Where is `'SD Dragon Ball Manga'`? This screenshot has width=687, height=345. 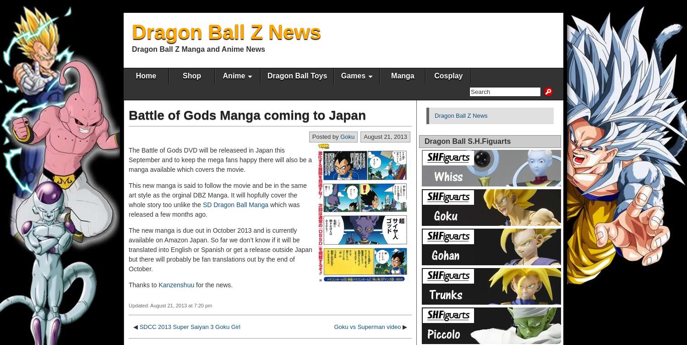
'SD Dragon Ball Manga' is located at coordinates (235, 204).